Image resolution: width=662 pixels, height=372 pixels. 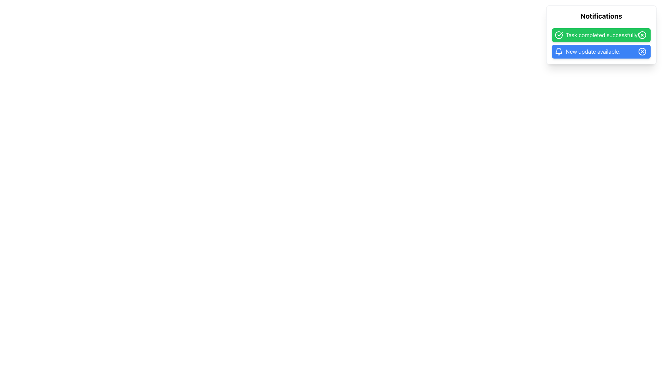 I want to click on the dismiss button located at the top-right corner of the blue notification card that displays 'New update available.', so click(x=642, y=51).